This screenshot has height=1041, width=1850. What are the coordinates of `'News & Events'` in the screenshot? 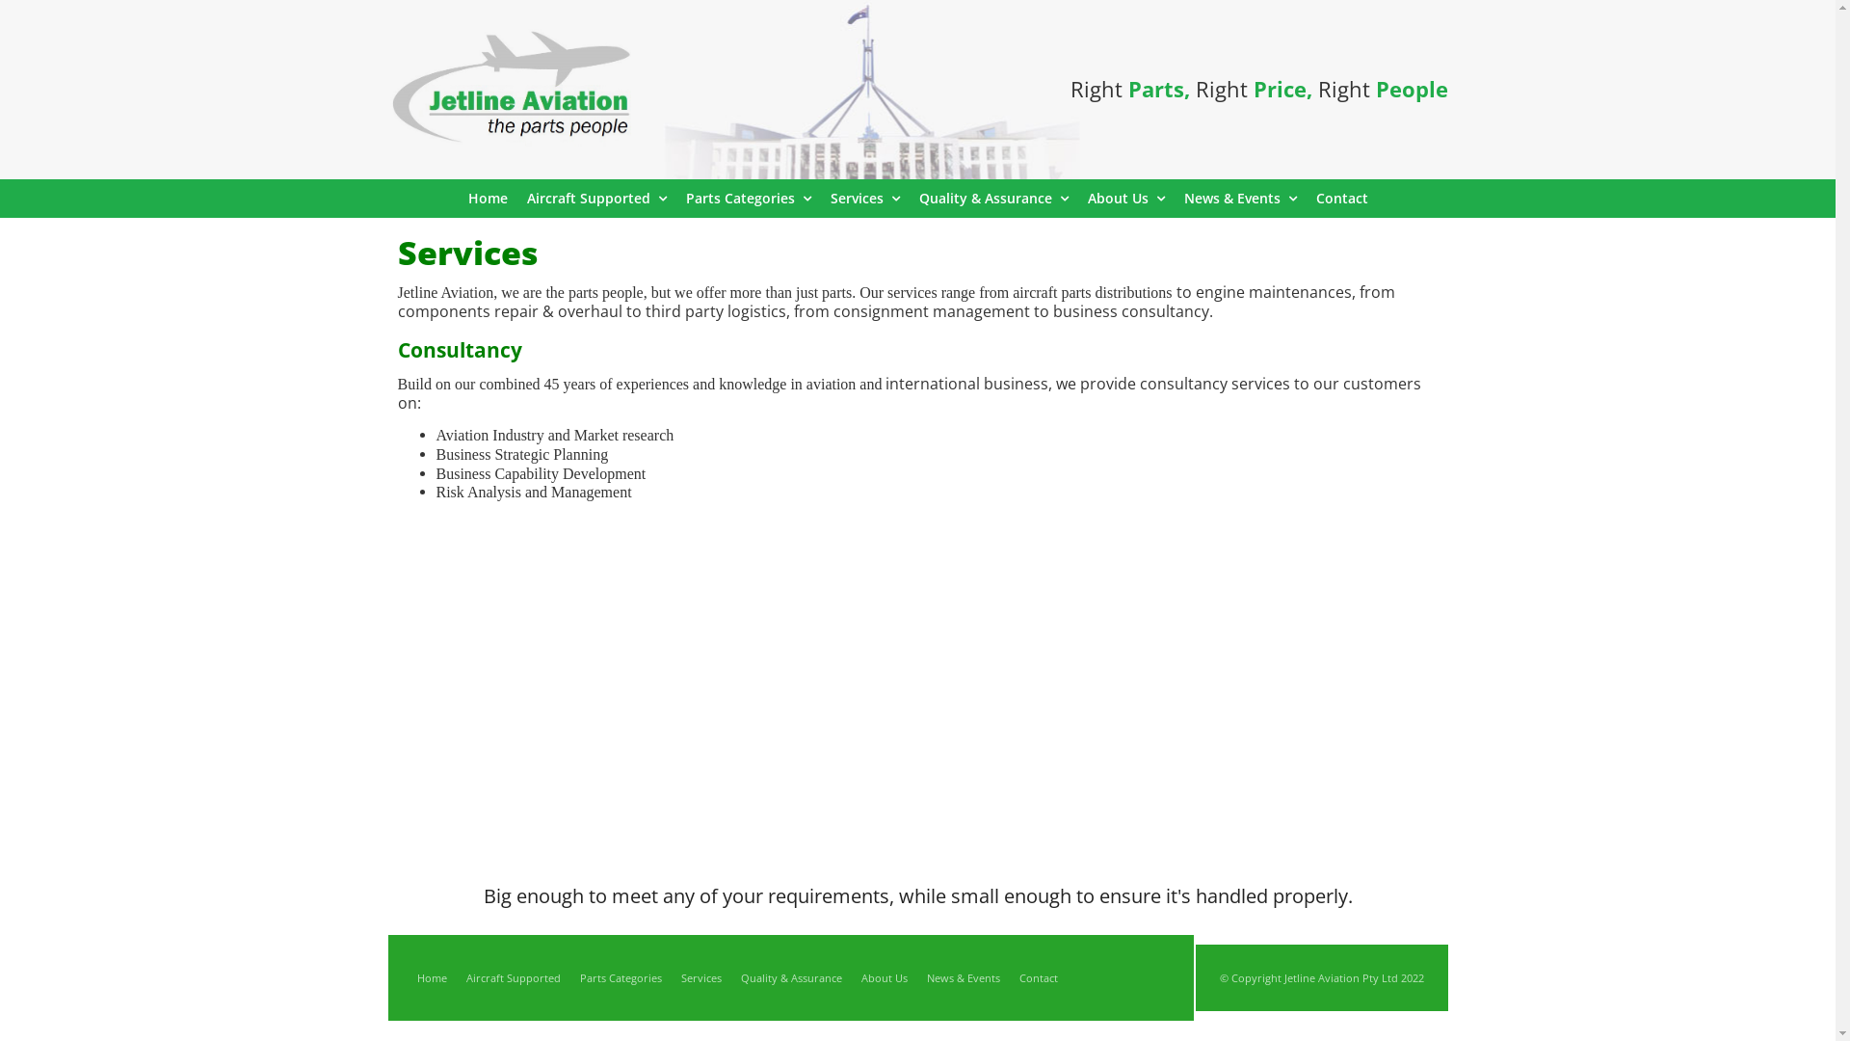 It's located at (963, 977).